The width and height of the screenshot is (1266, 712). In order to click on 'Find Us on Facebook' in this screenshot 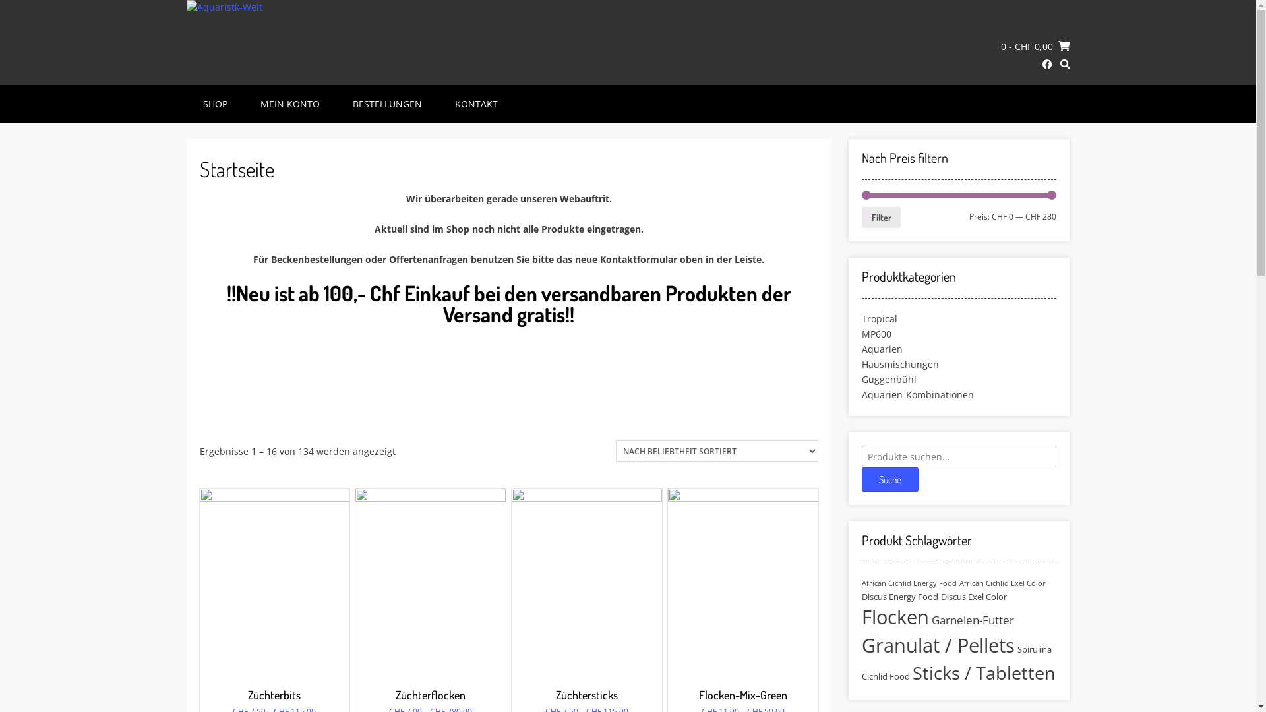, I will do `click(1046, 64)`.